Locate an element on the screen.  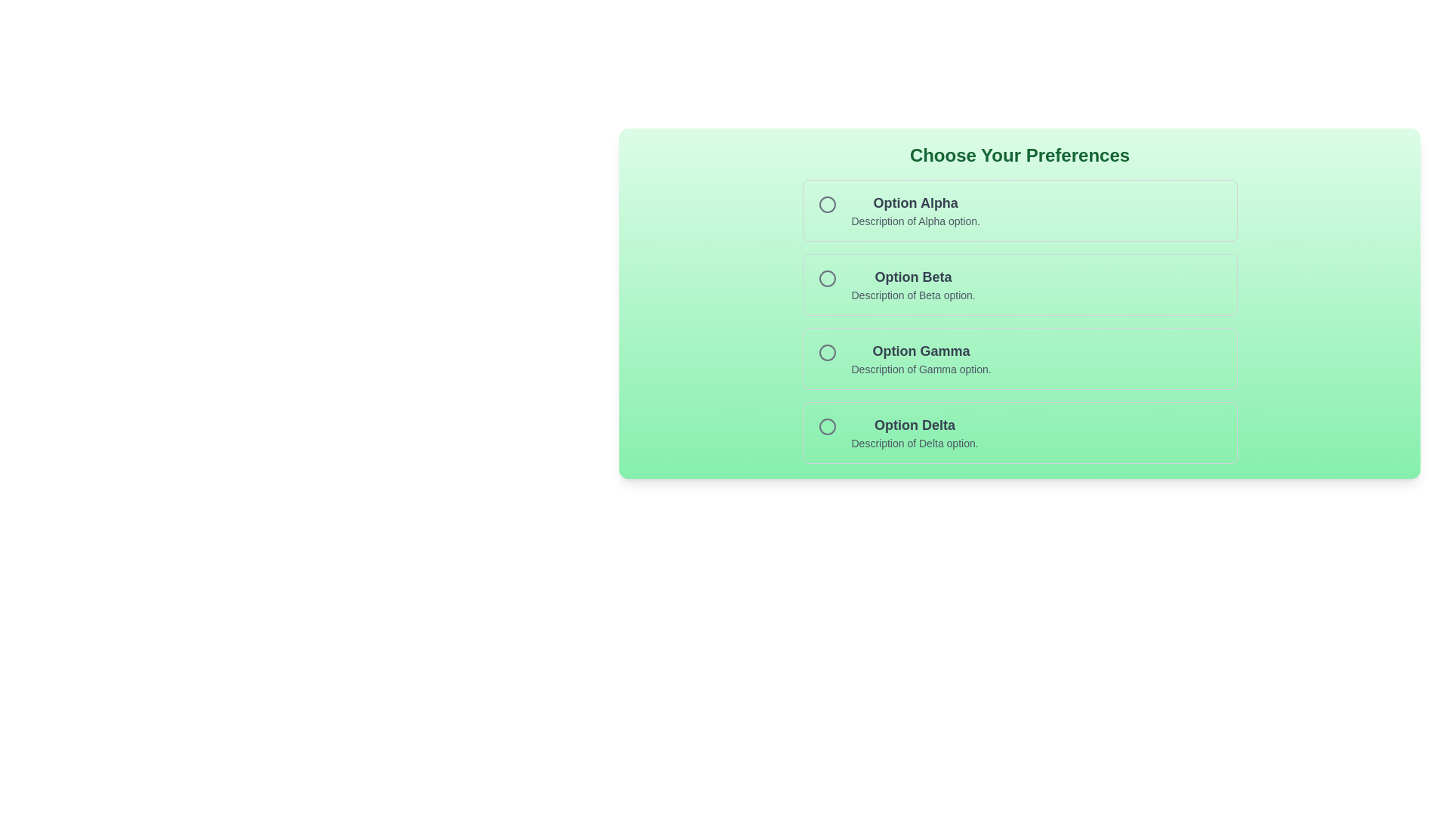
the descriptive text element located below the 'Option Beta' heading in the second option row of the vertically arranged list of selectable preferences is located at coordinates (912, 295).